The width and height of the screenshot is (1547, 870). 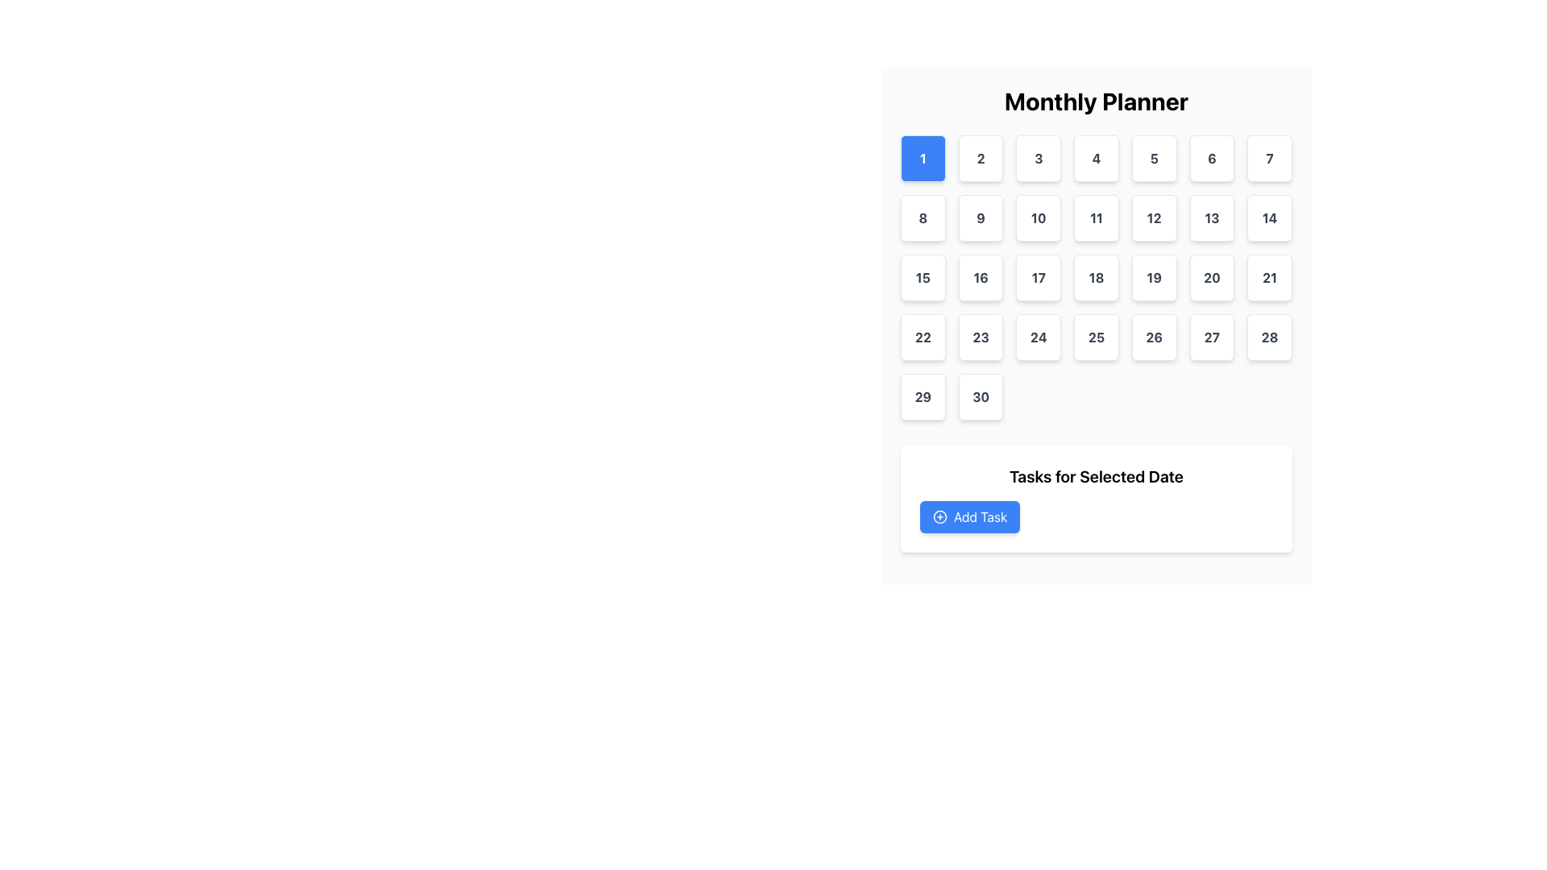 I want to click on the blue rectangular button labeled 'Add Task' with a plus icon, so click(x=969, y=516).